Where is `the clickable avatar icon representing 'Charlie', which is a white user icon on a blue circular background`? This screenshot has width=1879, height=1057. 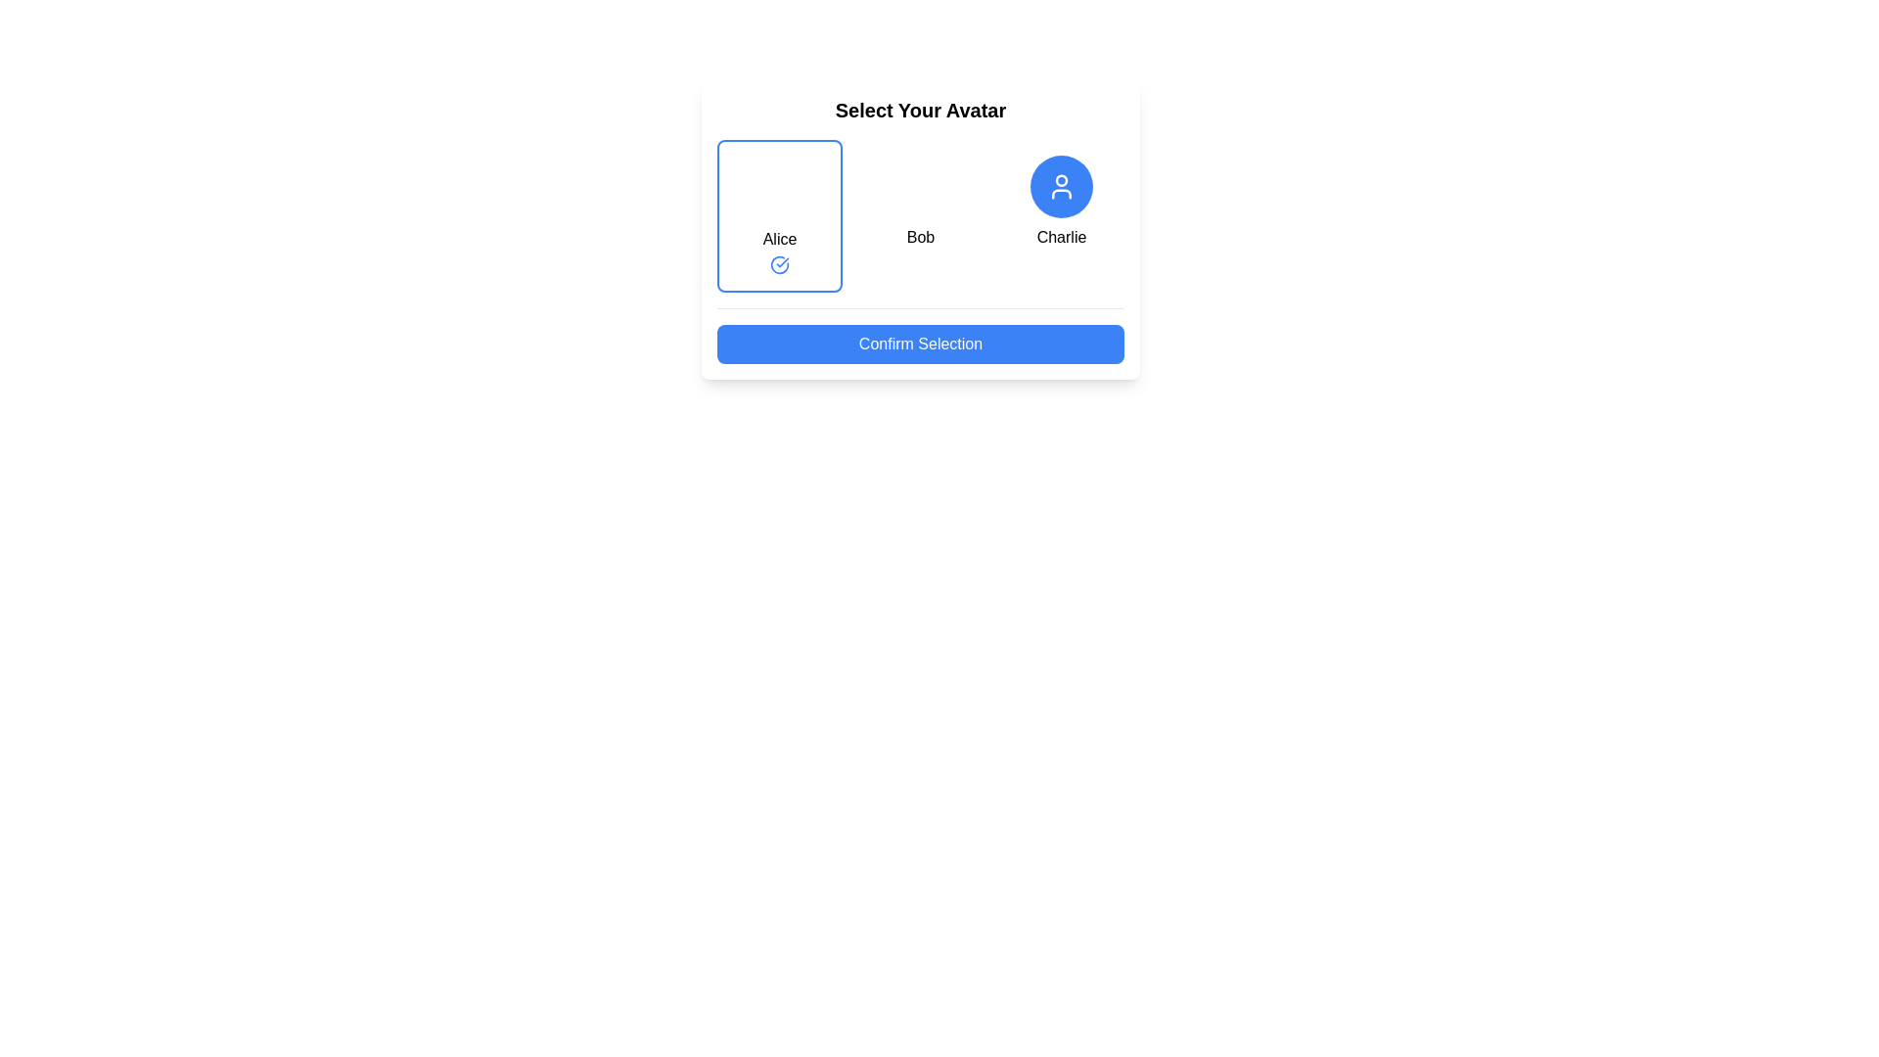
the clickable avatar icon representing 'Charlie', which is a white user icon on a blue circular background is located at coordinates (1060, 187).